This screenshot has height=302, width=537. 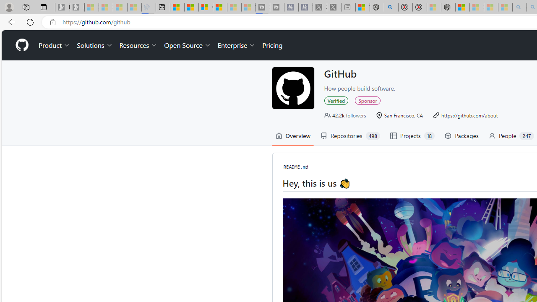 I want to click on 'Resources', so click(x=138, y=45).